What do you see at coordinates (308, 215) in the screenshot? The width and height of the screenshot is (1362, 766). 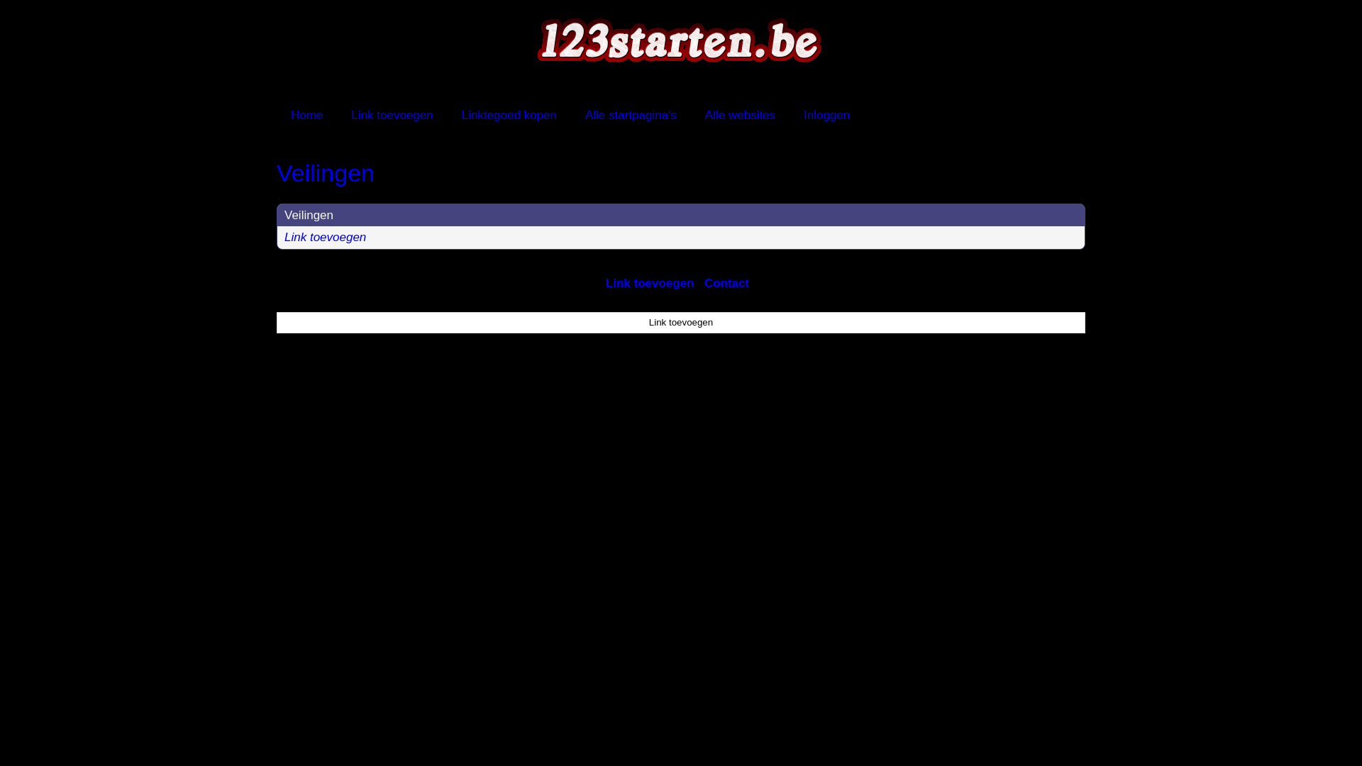 I see `'Veilingen'` at bounding box center [308, 215].